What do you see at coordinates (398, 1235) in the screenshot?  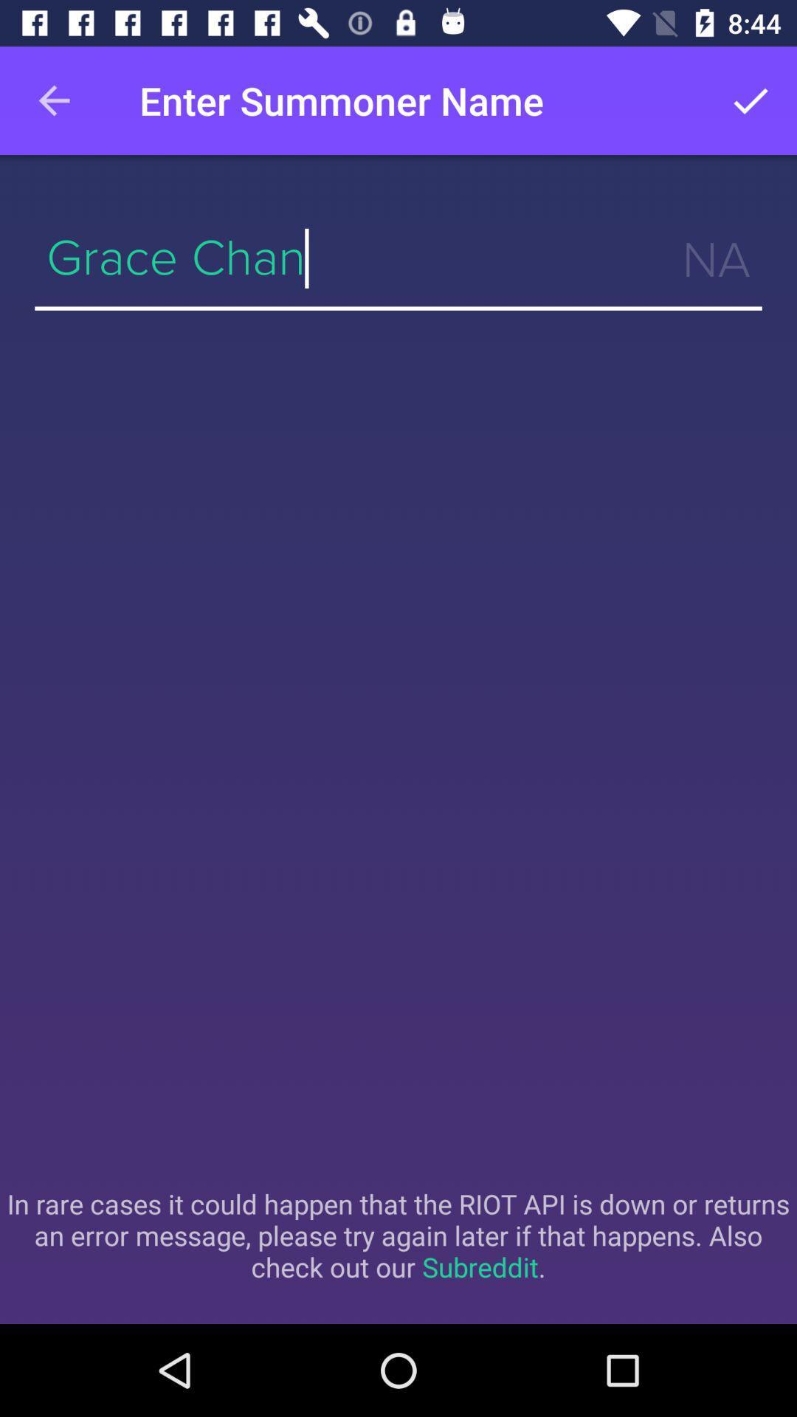 I see `the item below grace chan item` at bounding box center [398, 1235].